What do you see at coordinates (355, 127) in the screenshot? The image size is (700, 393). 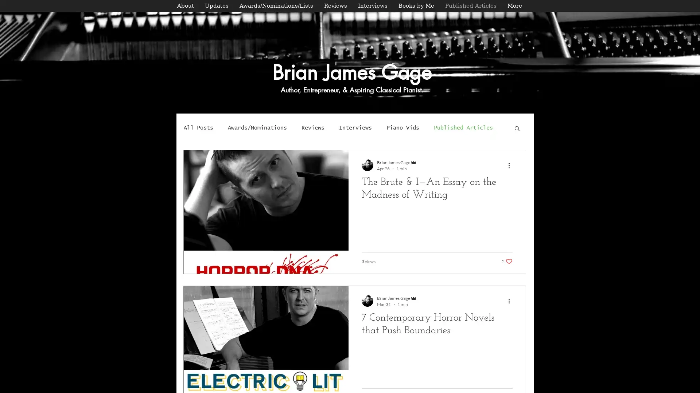 I see `Interviews` at bounding box center [355, 127].